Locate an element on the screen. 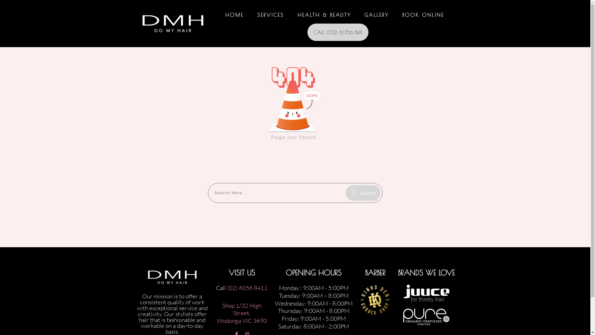  'GALLERY' is located at coordinates (364, 14).